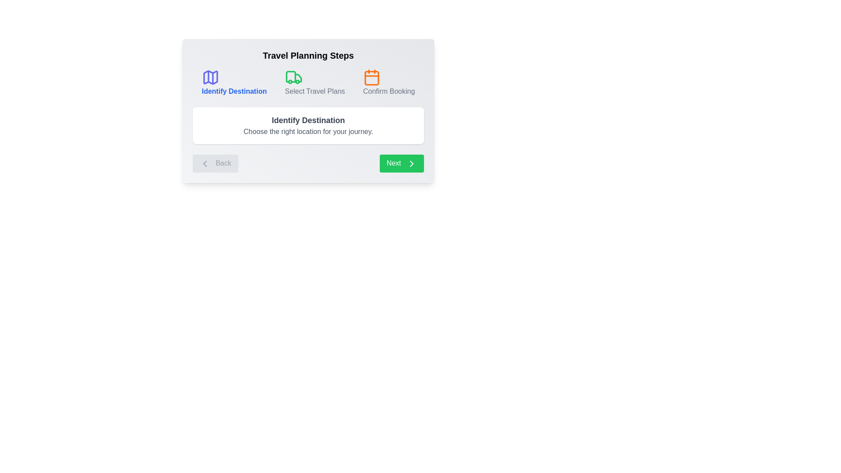  What do you see at coordinates (372, 77) in the screenshot?
I see `the decorative element within the calendar icon that represents the 'Confirm Booking' step in the travel planning process, specifically the centered orange box above the 'Confirm Booking' label` at bounding box center [372, 77].